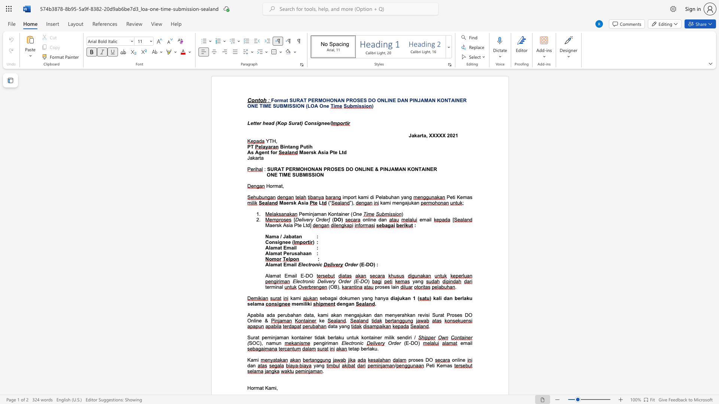 The width and height of the screenshot is (719, 404). Describe the element at coordinates (451, 315) in the screenshot. I see `the subset text "oses D" within the text "Proses DO Online &"` at that location.